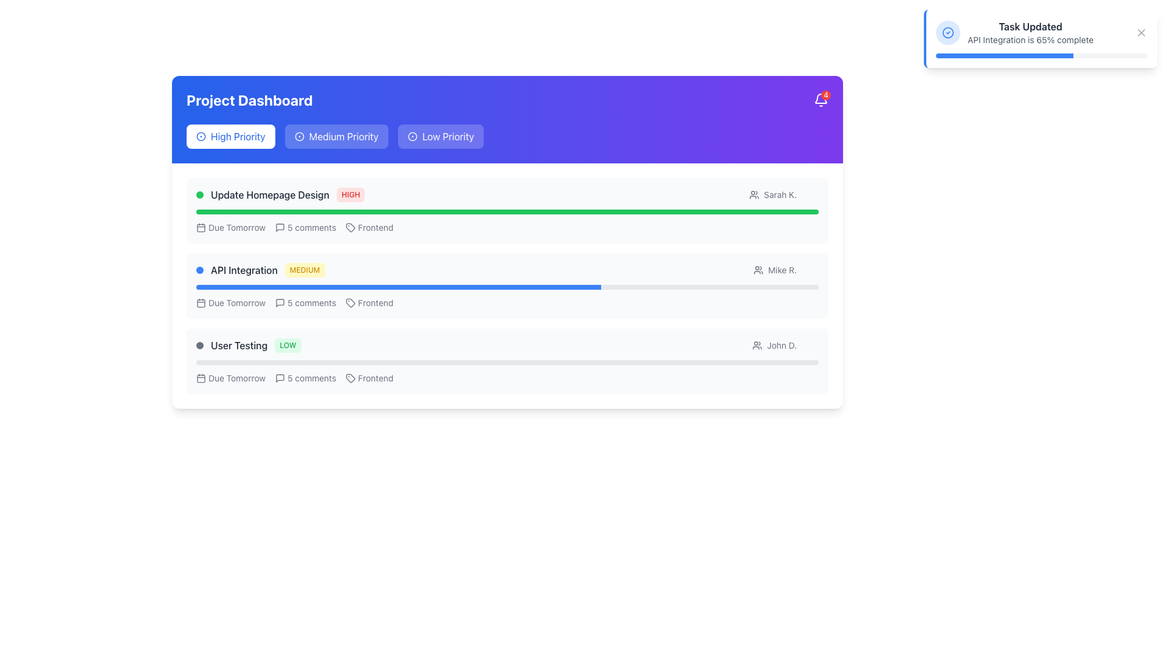 This screenshot has width=1167, height=656. Describe the element at coordinates (398, 287) in the screenshot. I see `the blue filled progress bar segment indicating 65% progress, located under the 'API Integration' task section` at that location.